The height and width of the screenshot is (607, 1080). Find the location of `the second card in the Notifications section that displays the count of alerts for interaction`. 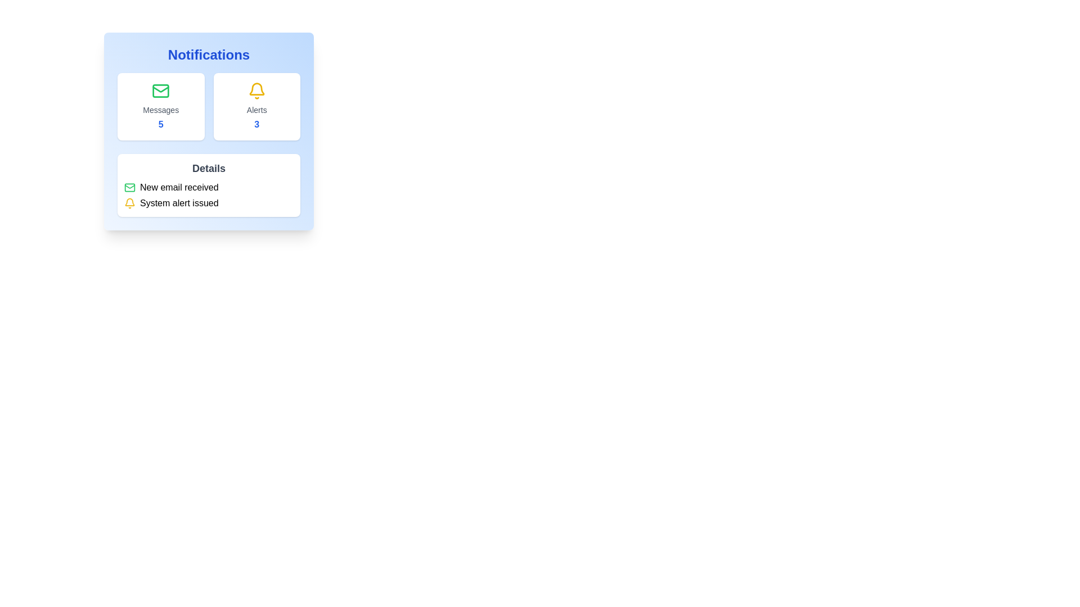

the second card in the Notifications section that displays the count of alerts for interaction is located at coordinates (256, 106).